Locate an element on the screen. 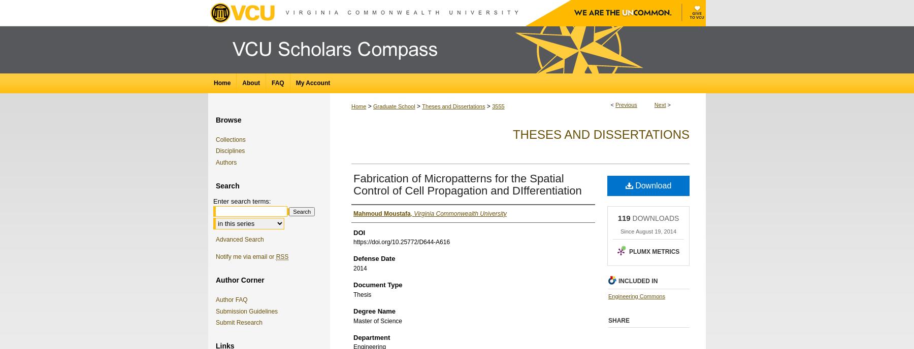 The image size is (914, 349). 'Submit Research' is located at coordinates (239, 322).